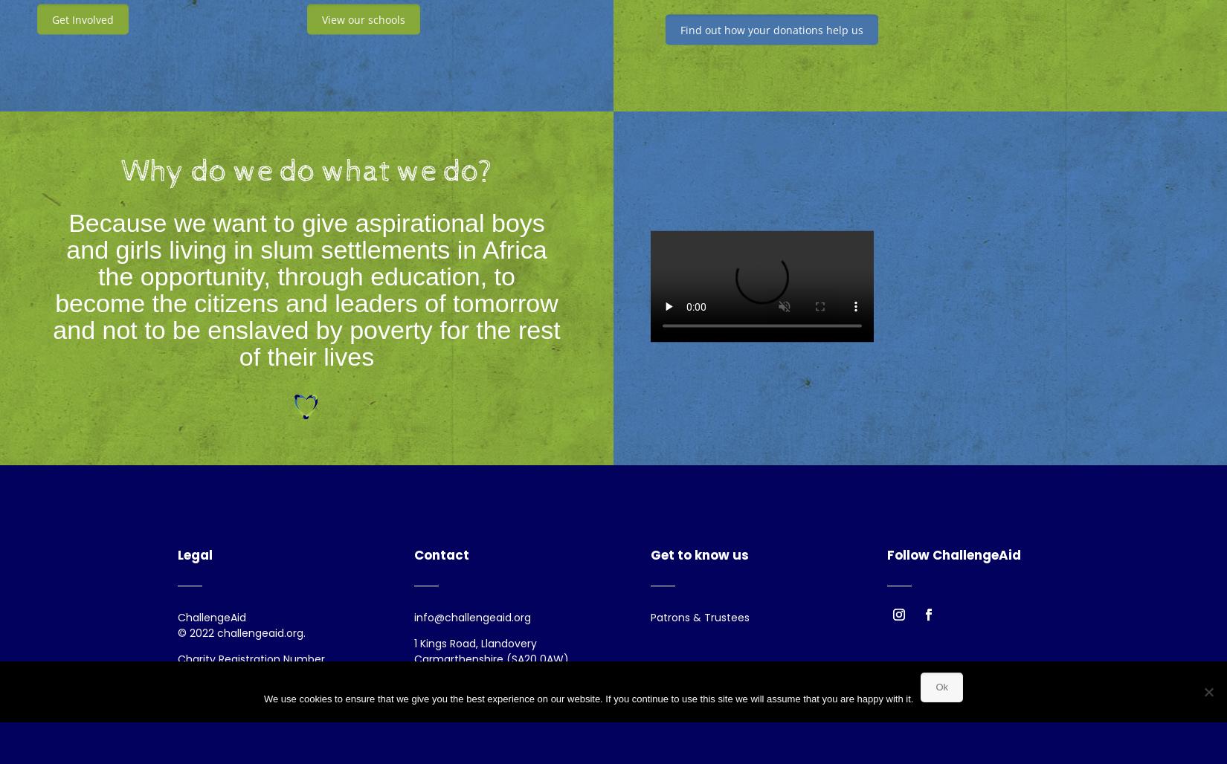  I want to click on 'Patrons & Trustees', so click(700, 618).